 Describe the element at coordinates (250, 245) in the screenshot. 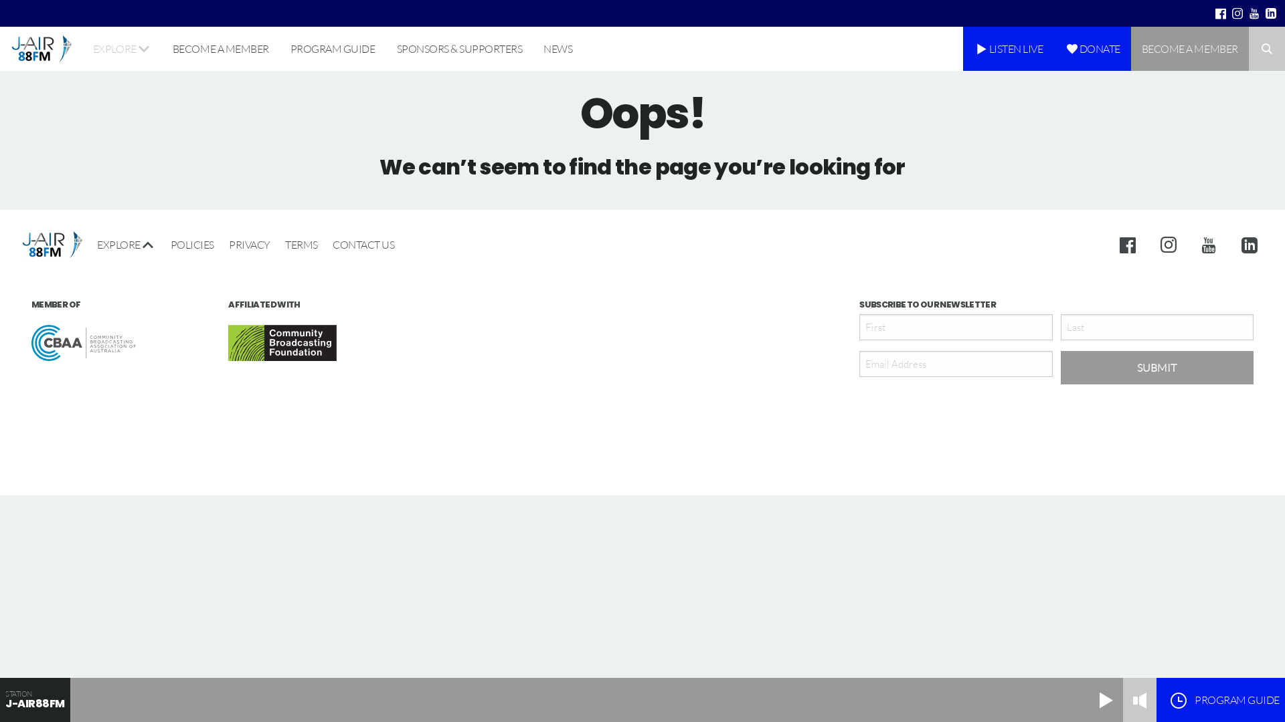

I see `'PRIVACY'` at that location.